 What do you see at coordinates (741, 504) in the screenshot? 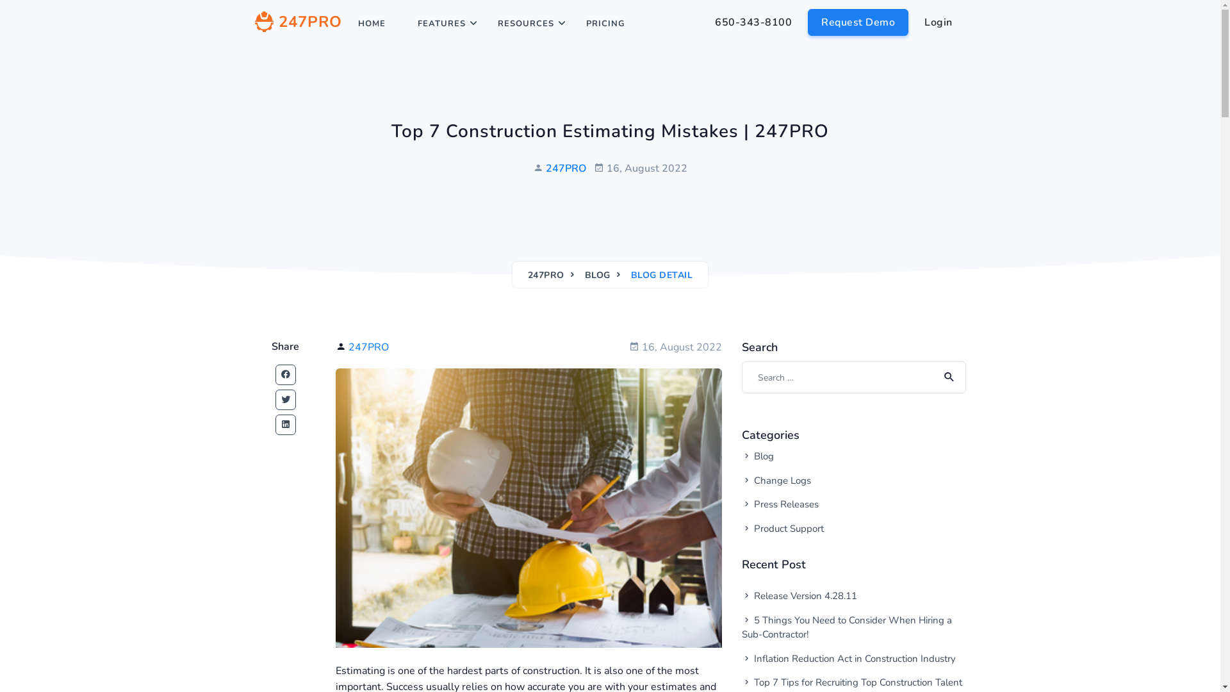
I see `'Press Releases'` at bounding box center [741, 504].